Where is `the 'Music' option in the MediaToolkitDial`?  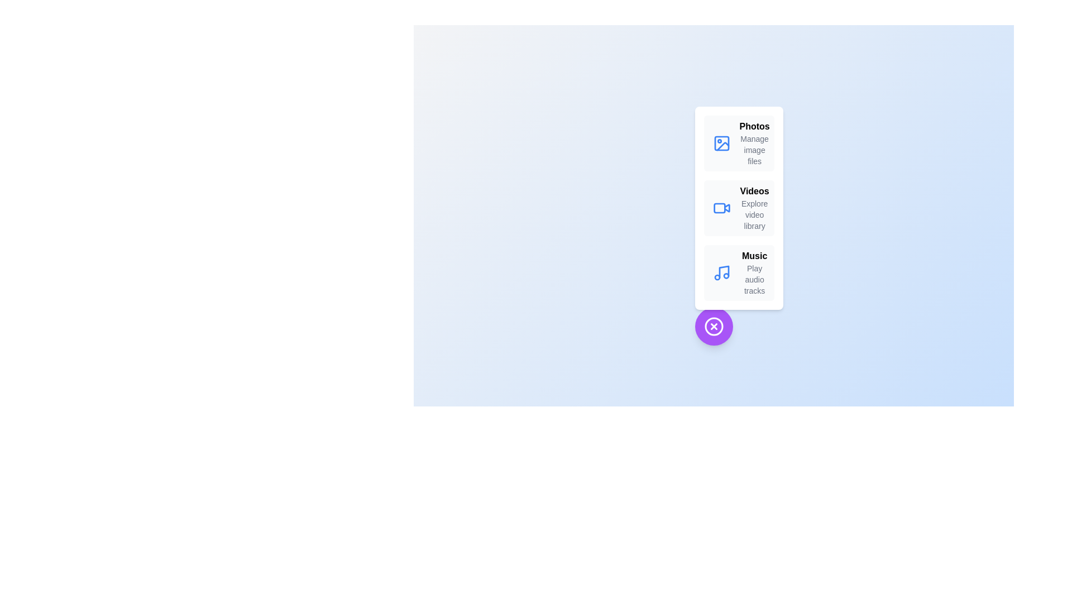 the 'Music' option in the MediaToolkitDial is located at coordinates (739, 273).